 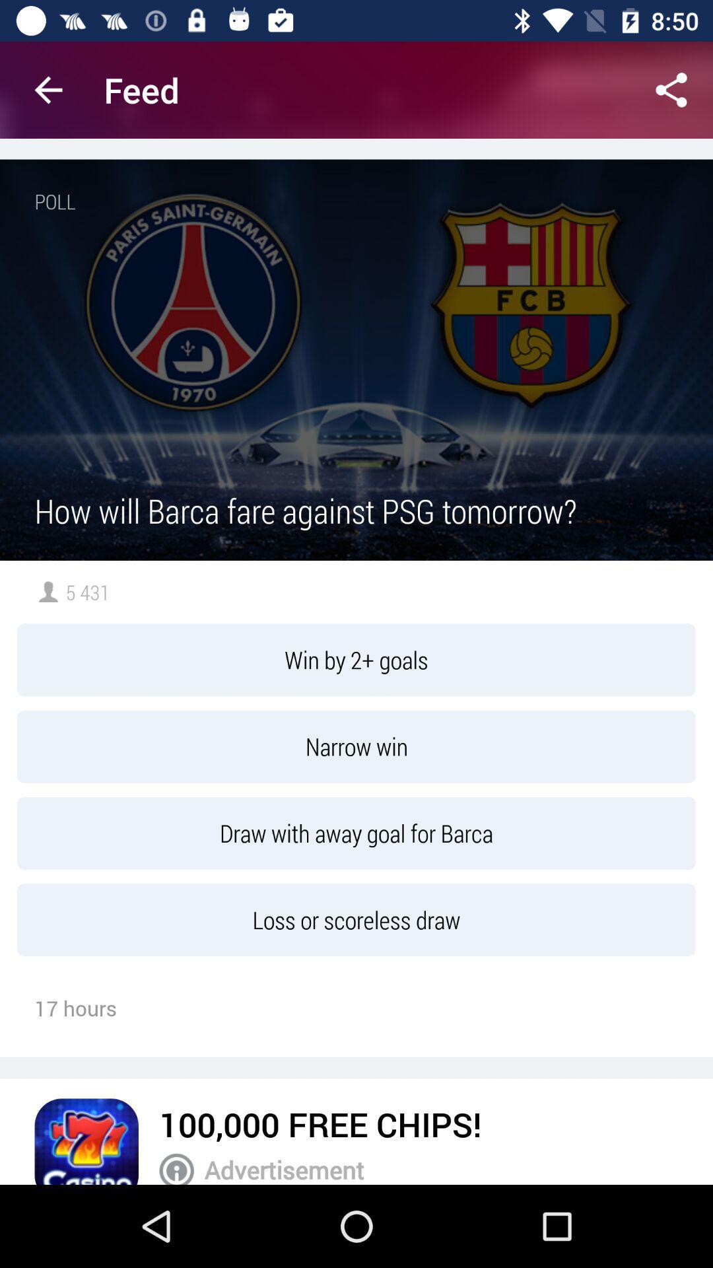 What do you see at coordinates (356, 832) in the screenshot?
I see `item below the narrow win item` at bounding box center [356, 832].